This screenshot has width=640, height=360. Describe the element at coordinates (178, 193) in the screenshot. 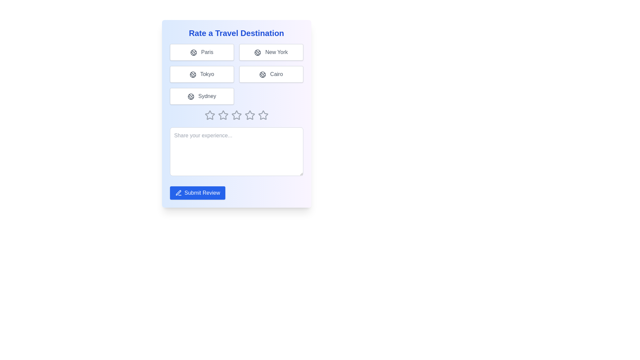

I see `the pen icon located within the blue 'Submit Review' button at the bottom of the form interface` at that location.